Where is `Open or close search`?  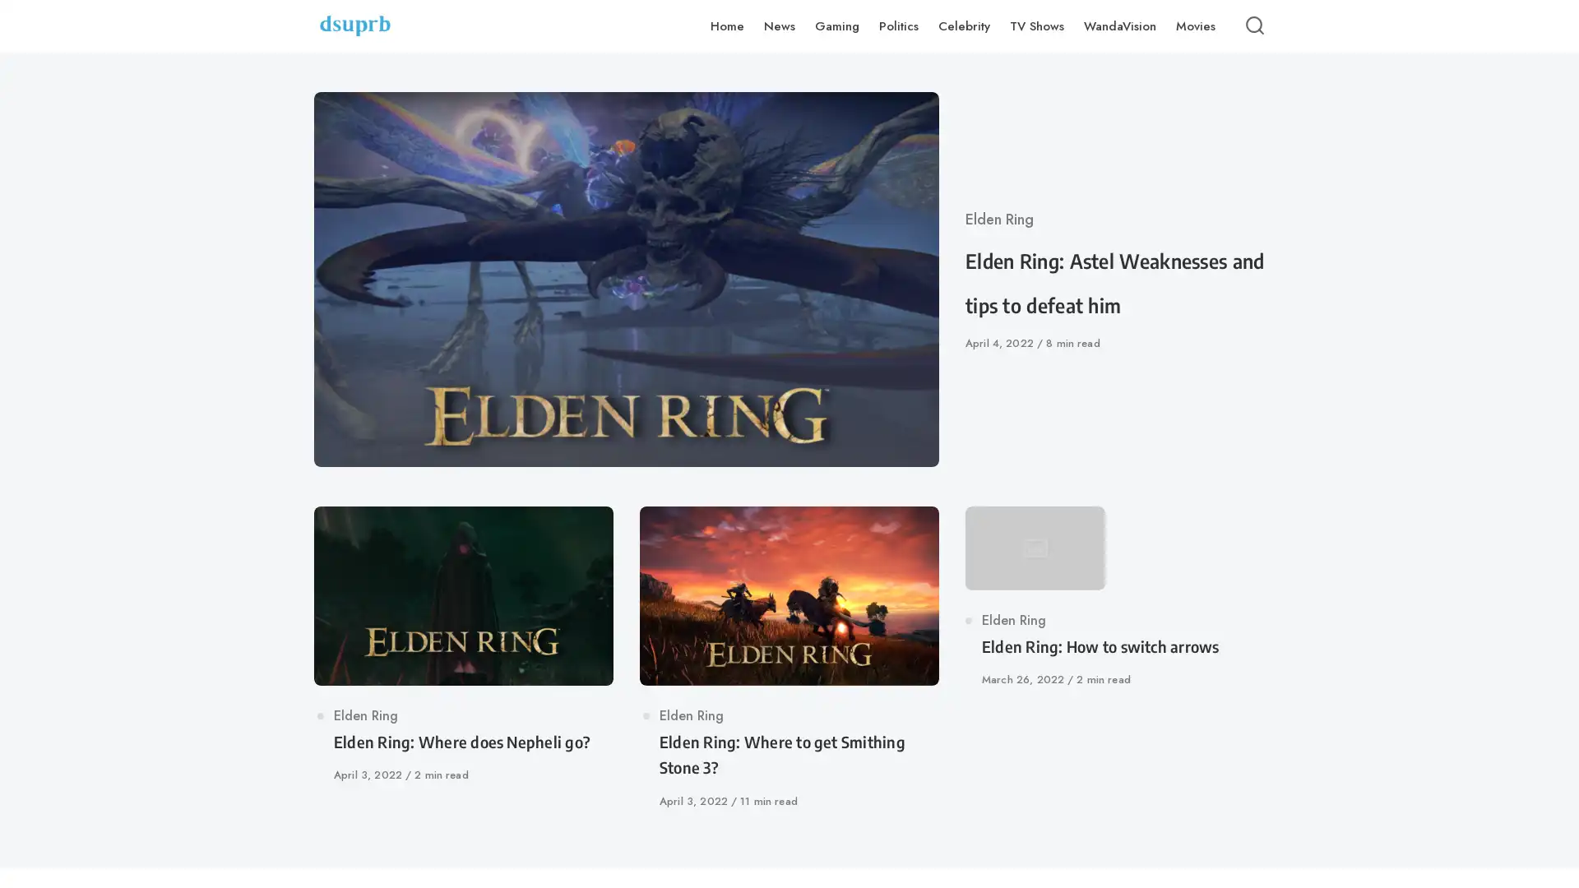
Open or close search is located at coordinates (1254, 25).